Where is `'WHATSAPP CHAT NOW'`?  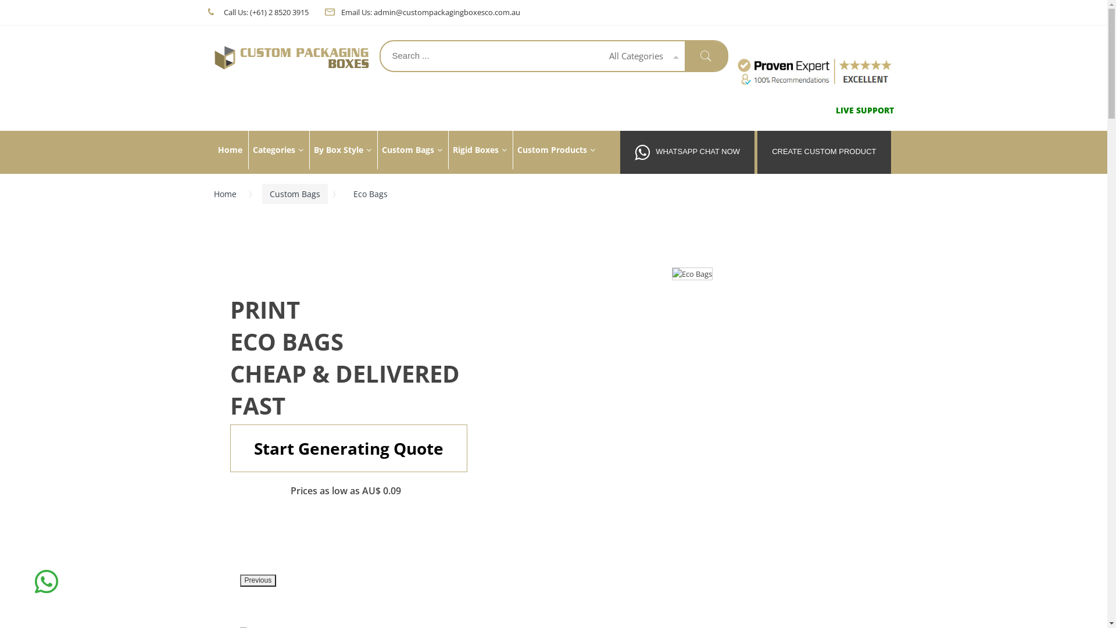 'WHATSAPP CHAT NOW' is located at coordinates (687, 152).